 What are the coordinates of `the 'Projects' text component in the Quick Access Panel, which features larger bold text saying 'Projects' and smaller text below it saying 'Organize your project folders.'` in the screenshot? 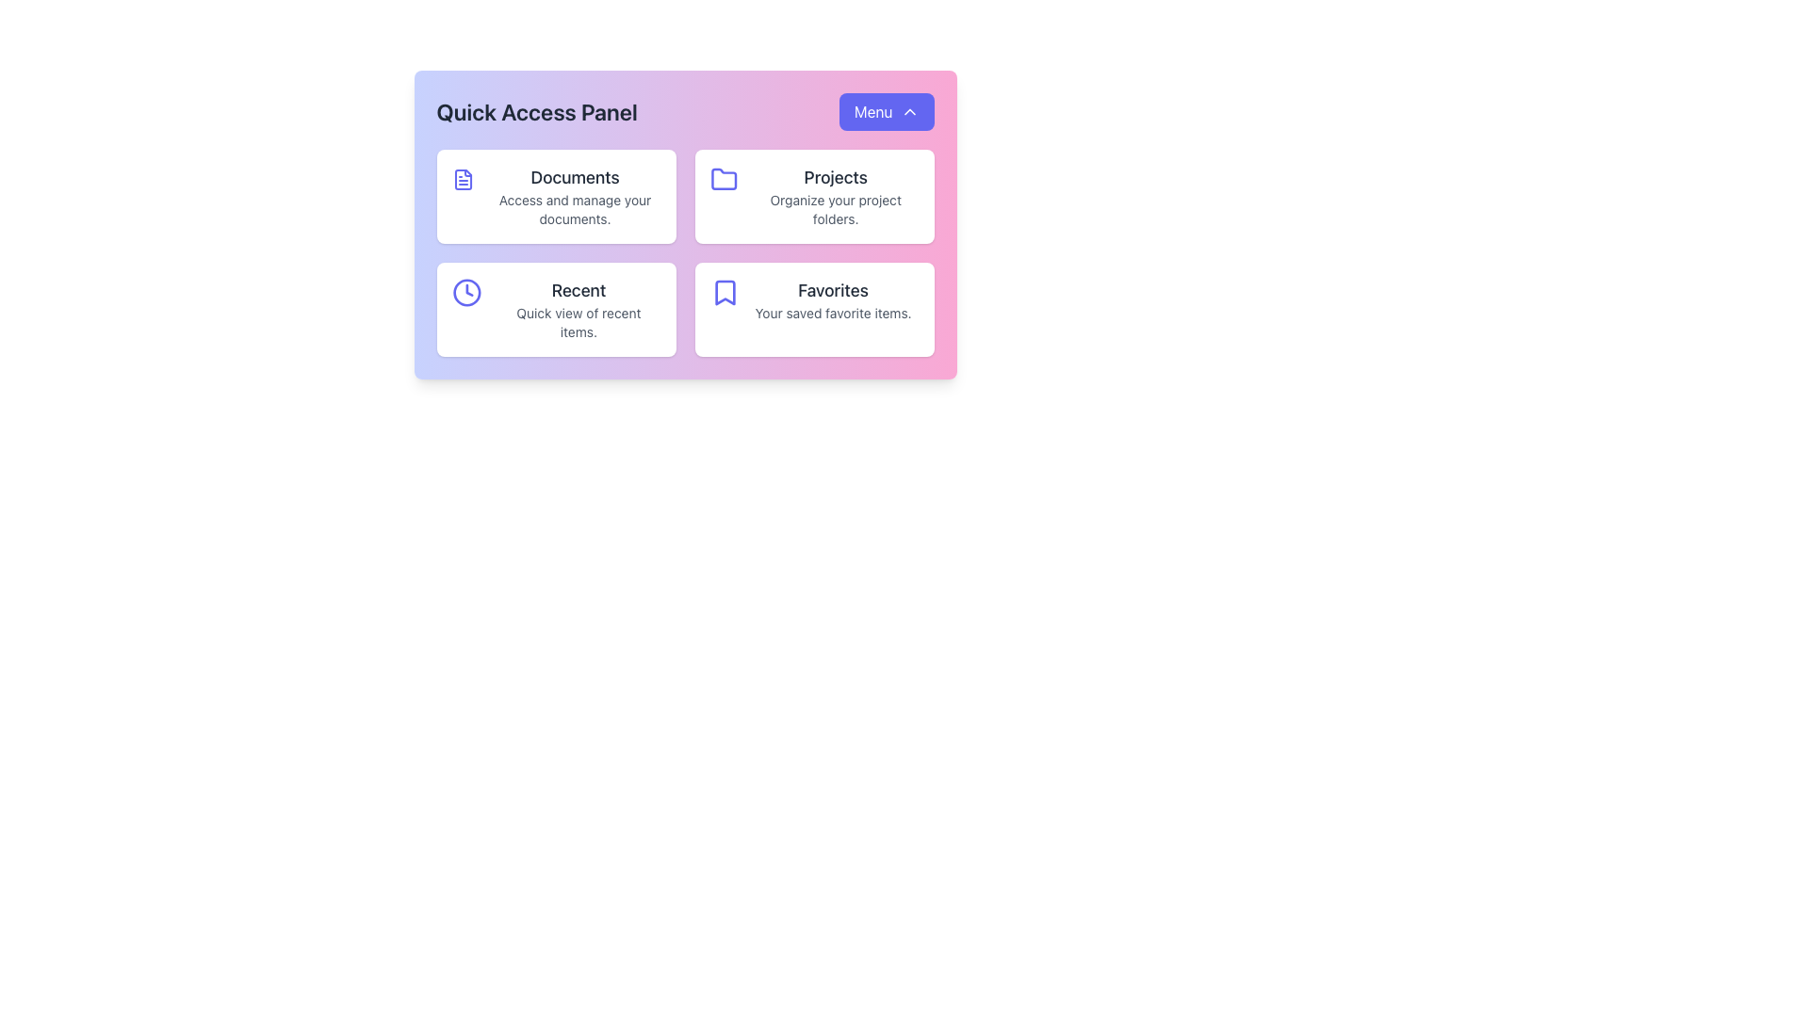 It's located at (835, 196).